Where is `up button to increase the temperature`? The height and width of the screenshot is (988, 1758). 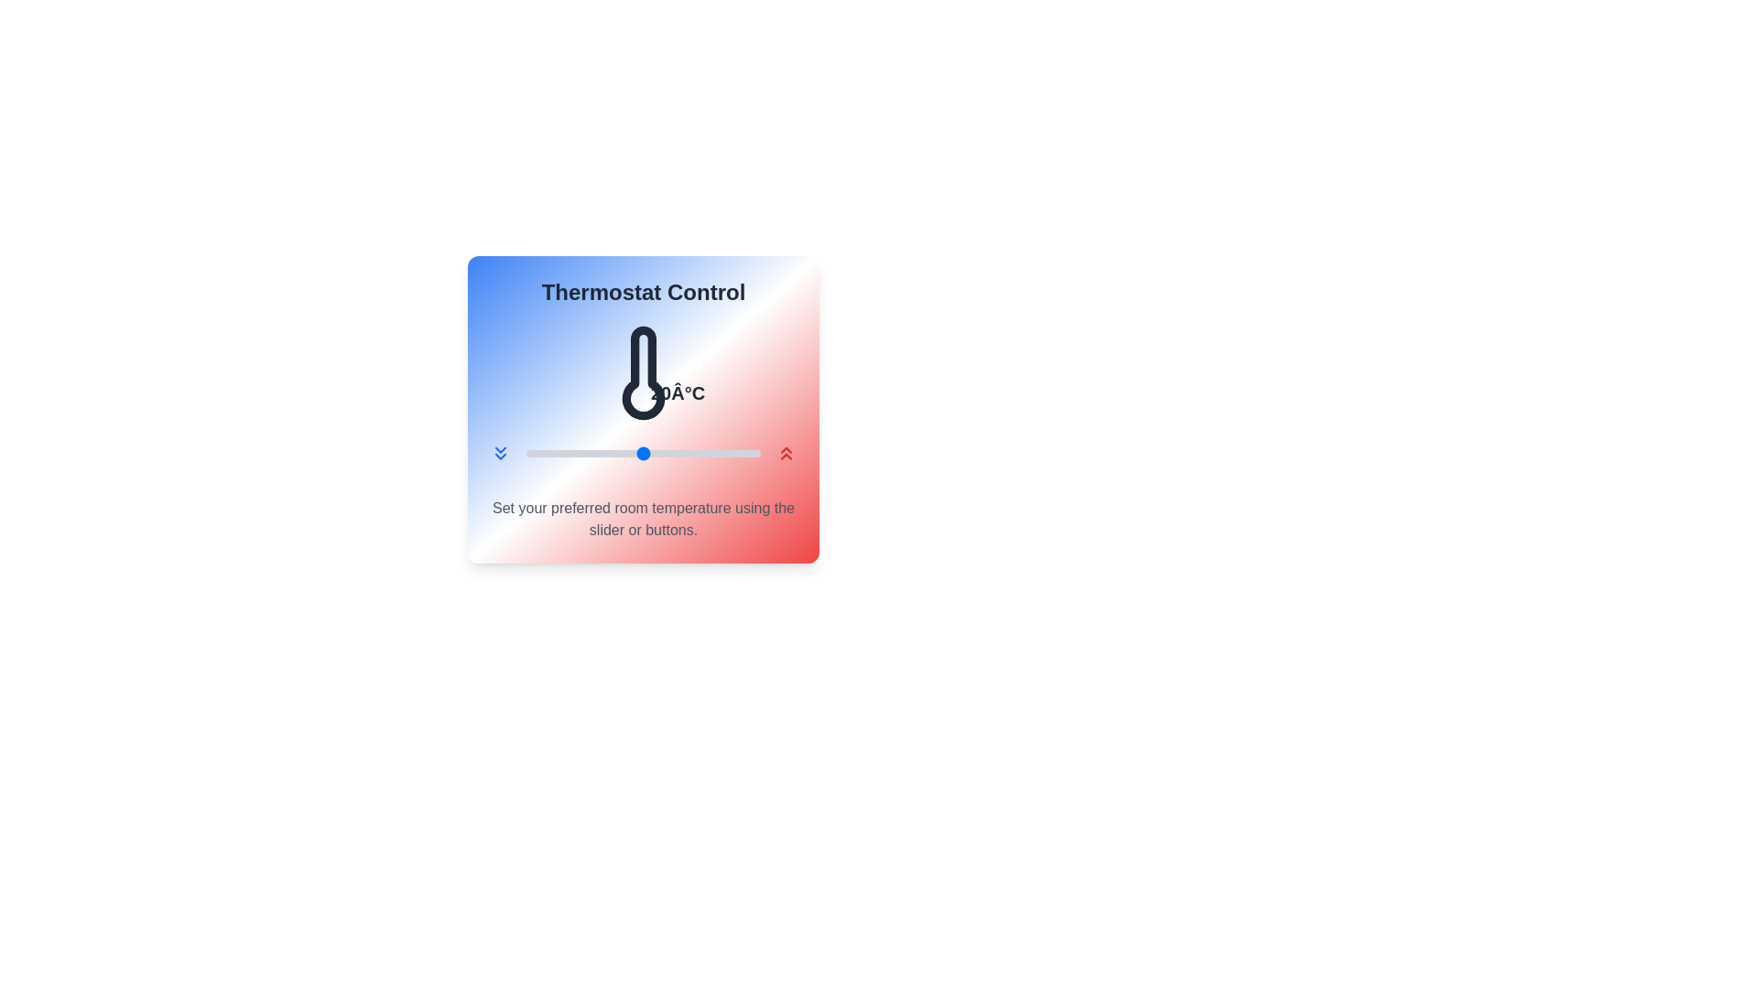 up button to increase the temperature is located at coordinates (786, 453).